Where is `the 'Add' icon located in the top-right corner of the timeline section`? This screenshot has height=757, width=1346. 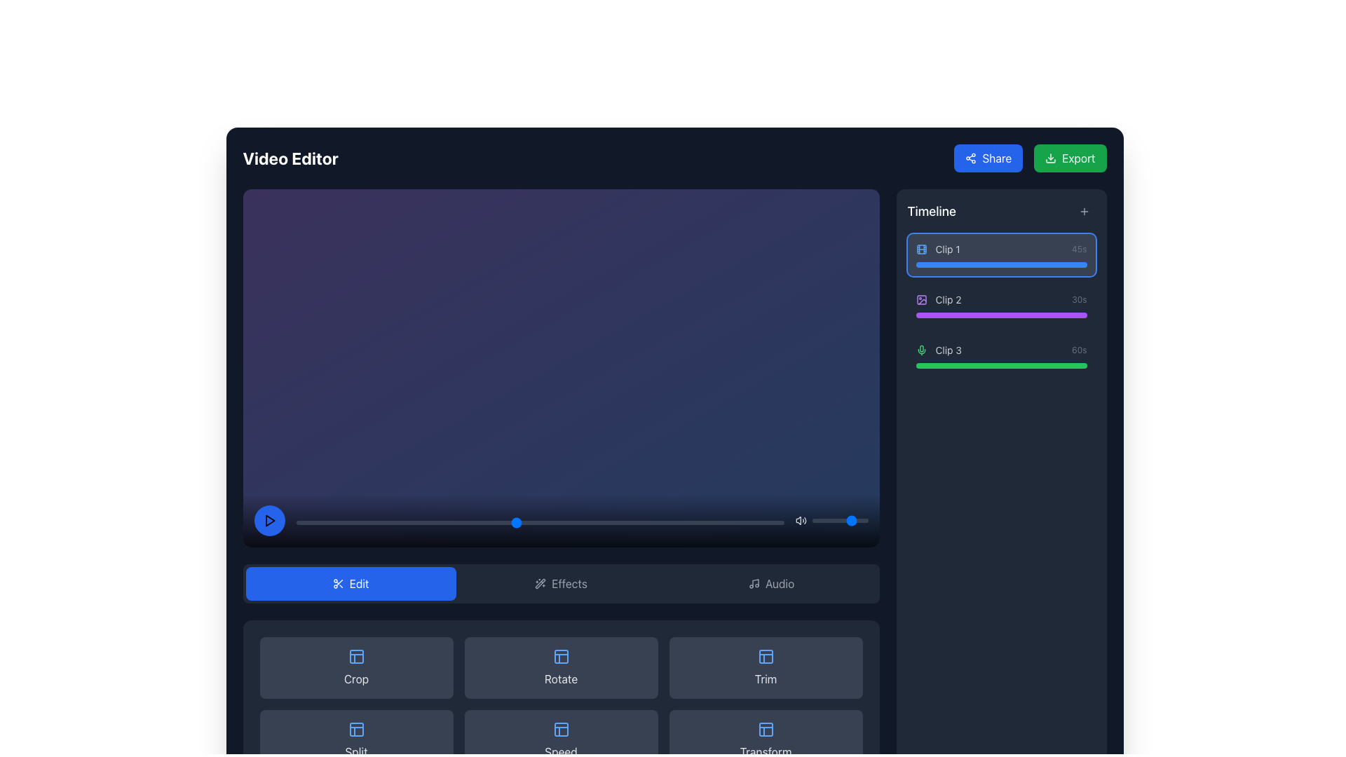 the 'Add' icon located in the top-right corner of the timeline section is located at coordinates (1083, 211).